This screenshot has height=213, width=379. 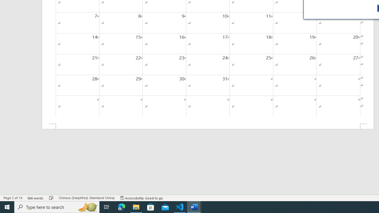 I want to click on 'Spelling and Grammar Check Checking', so click(x=51, y=198).